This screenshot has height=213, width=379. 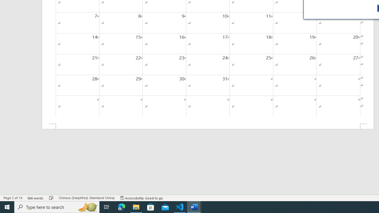 I want to click on 'Spelling and Grammar Check Checking', so click(x=51, y=198).